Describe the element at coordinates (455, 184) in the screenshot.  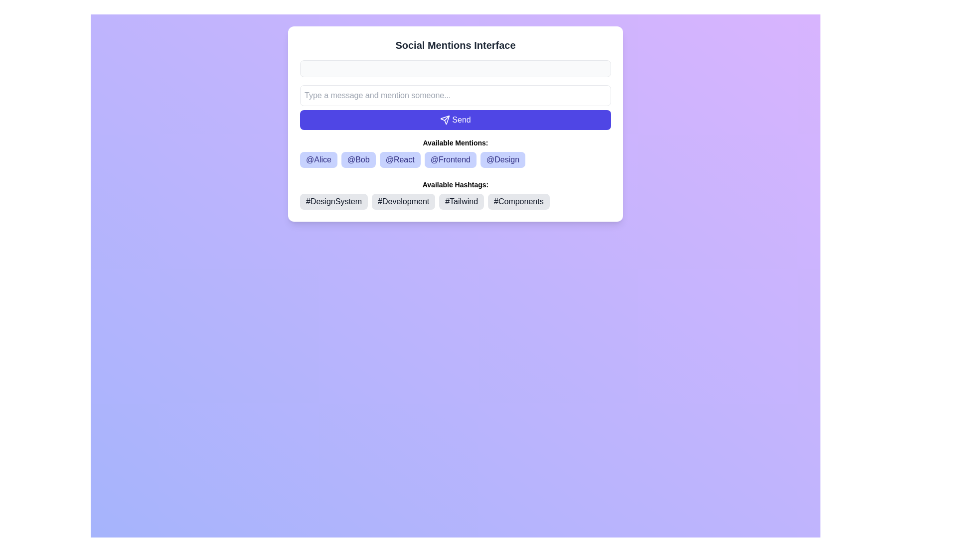
I see `text displayed in the Text Display element that shows 'Available Hashtags:' located centrally beneath the mentions list and above the hashtags list` at that location.